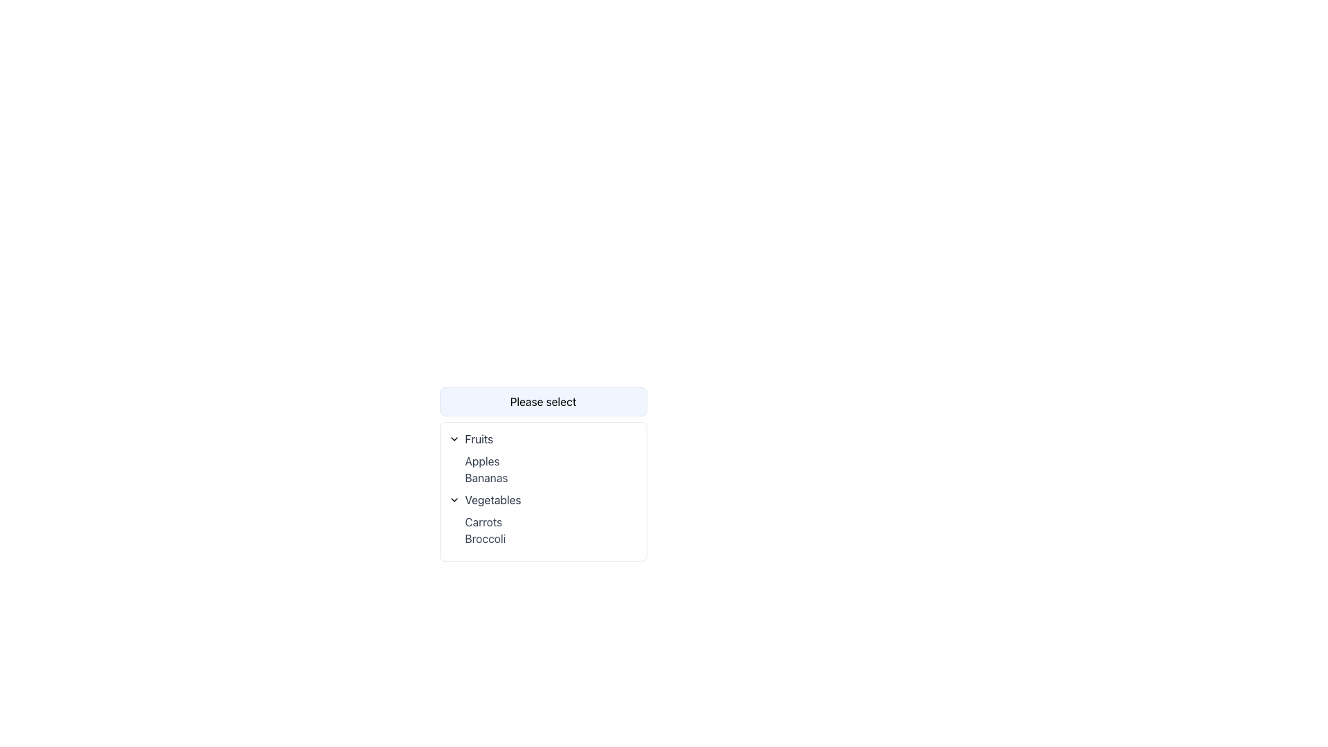 This screenshot has height=747, width=1328. I want to click on the 'Apples' option in the dropdown menu under the 'Fruits' category, so click(482, 461).